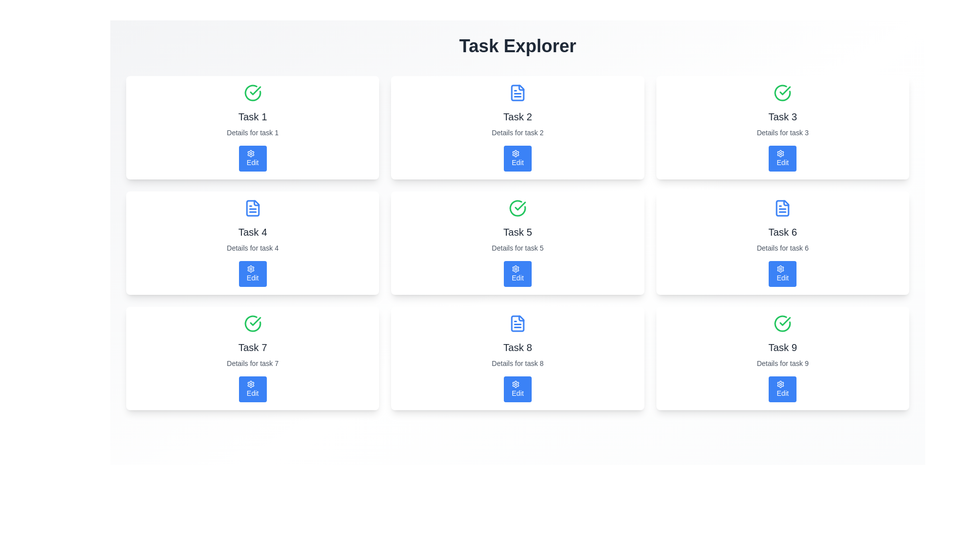  Describe the element at coordinates (517, 274) in the screenshot. I see `the 'Edit' button with a cogwheel icon in the bottom section of the 'Task 5' card to initiate task editing` at that location.